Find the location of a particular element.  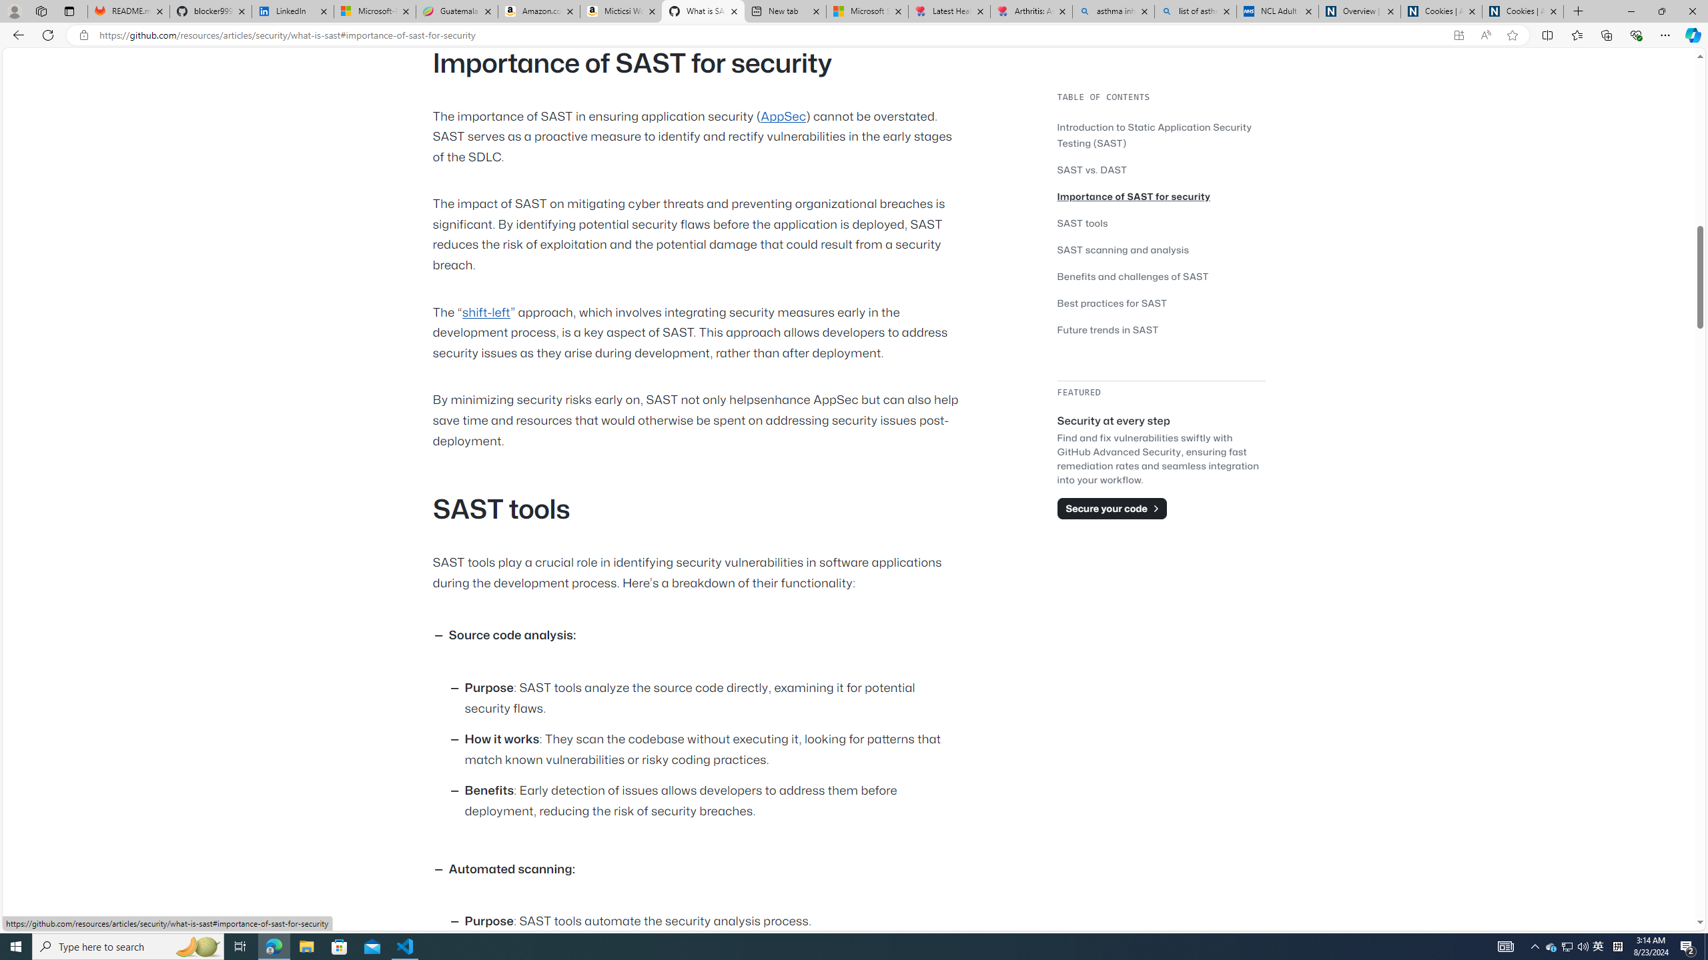

'AppSec' is located at coordinates (783, 115).